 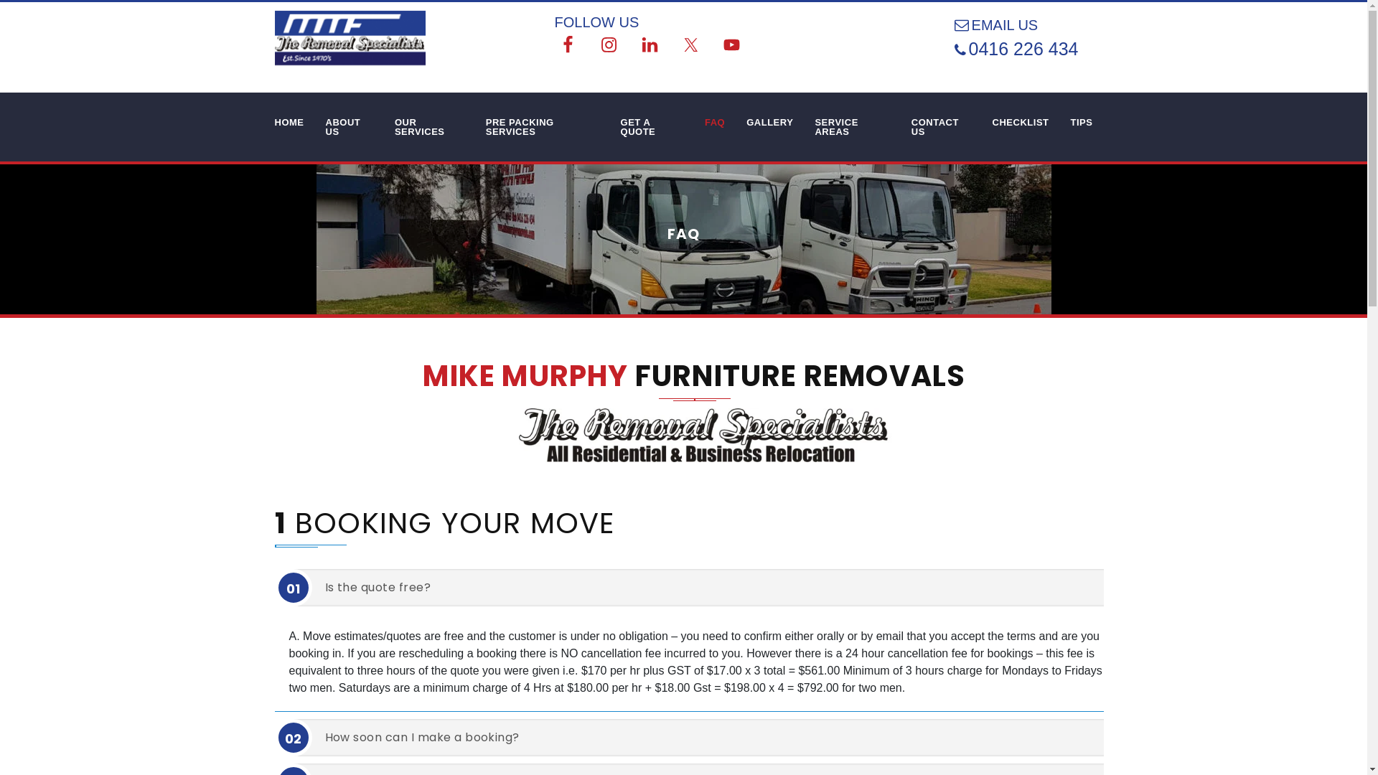 I want to click on 'OUR SERVICES', so click(x=383, y=126).